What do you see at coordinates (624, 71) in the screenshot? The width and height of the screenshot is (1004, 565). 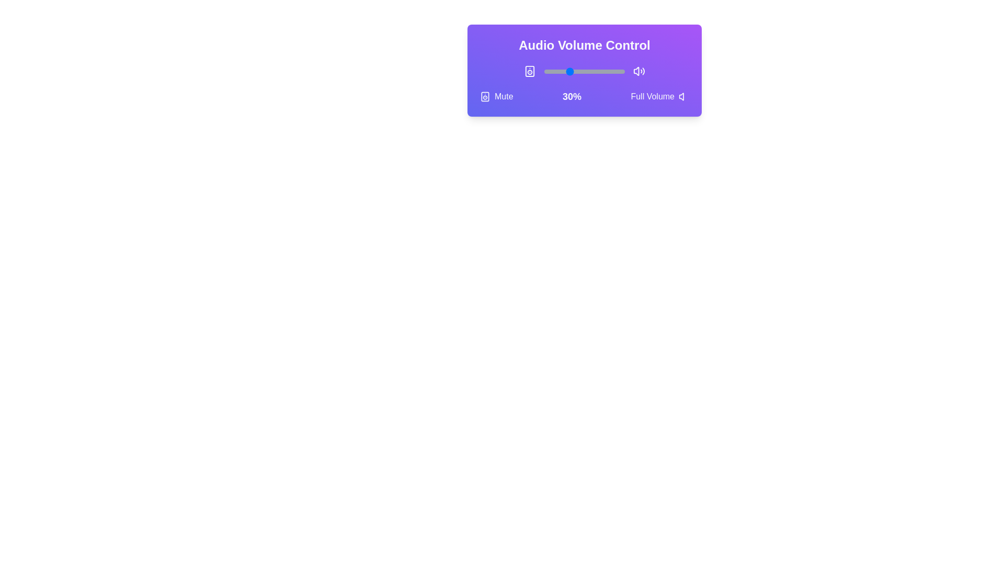 I see `the slider at the maximum endpoint to set the volume to full` at bounding box center [624, 71].